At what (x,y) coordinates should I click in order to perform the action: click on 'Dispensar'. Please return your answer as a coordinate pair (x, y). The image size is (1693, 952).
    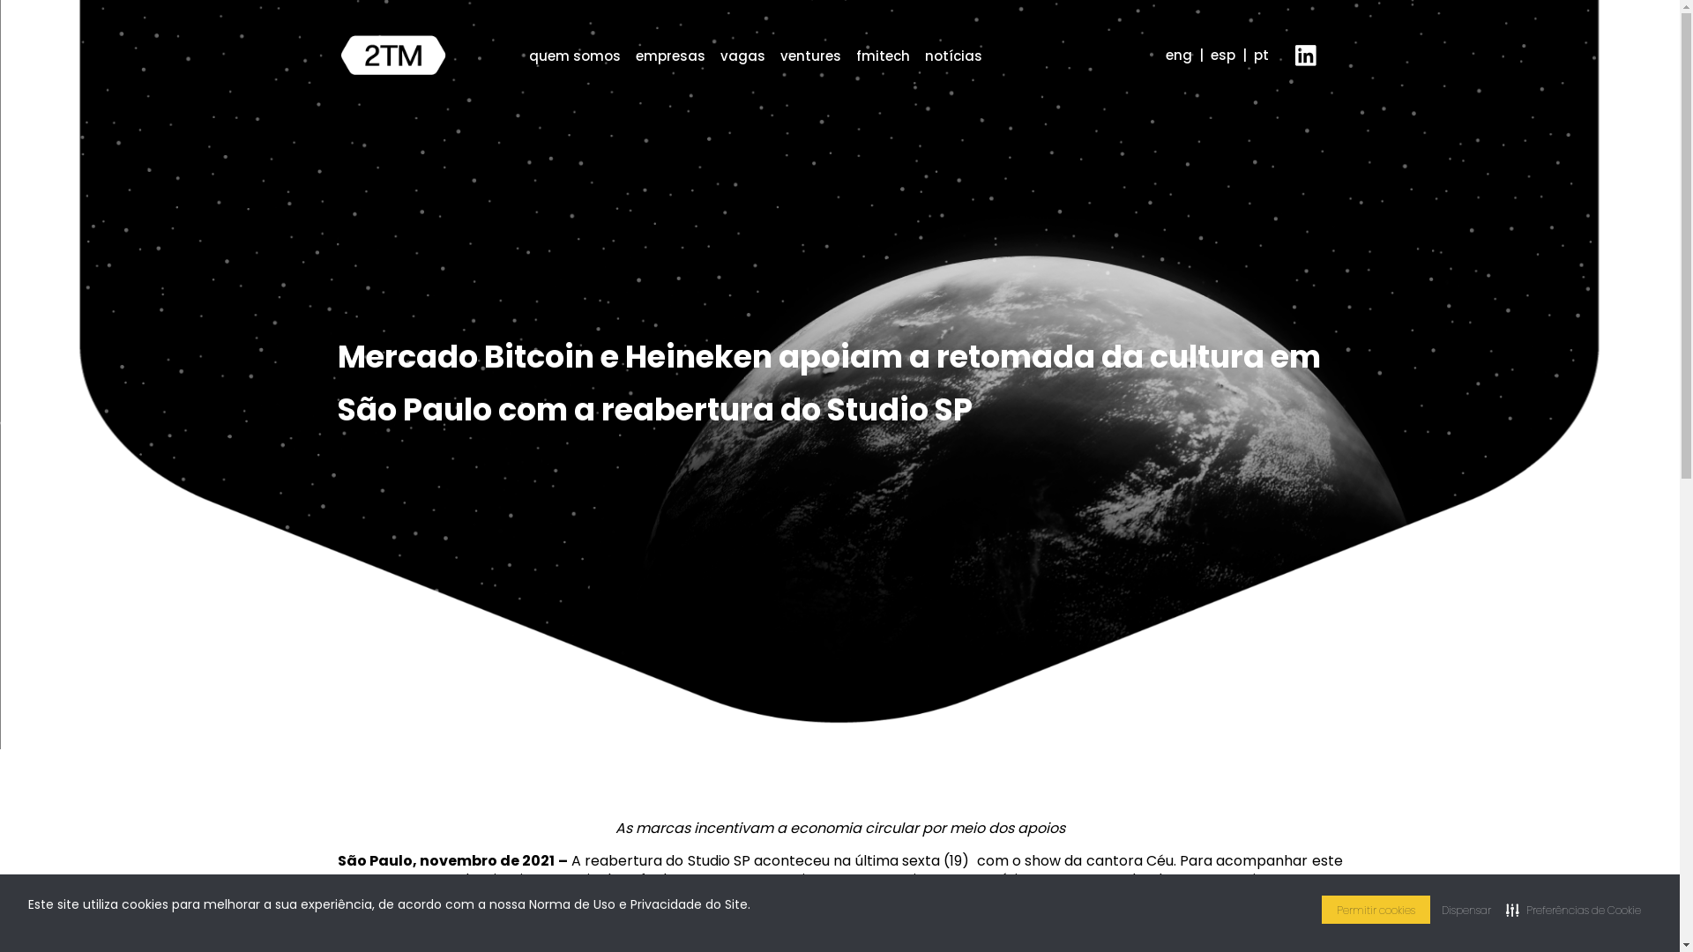
    Looking at the image, I should click on (1466, 910).